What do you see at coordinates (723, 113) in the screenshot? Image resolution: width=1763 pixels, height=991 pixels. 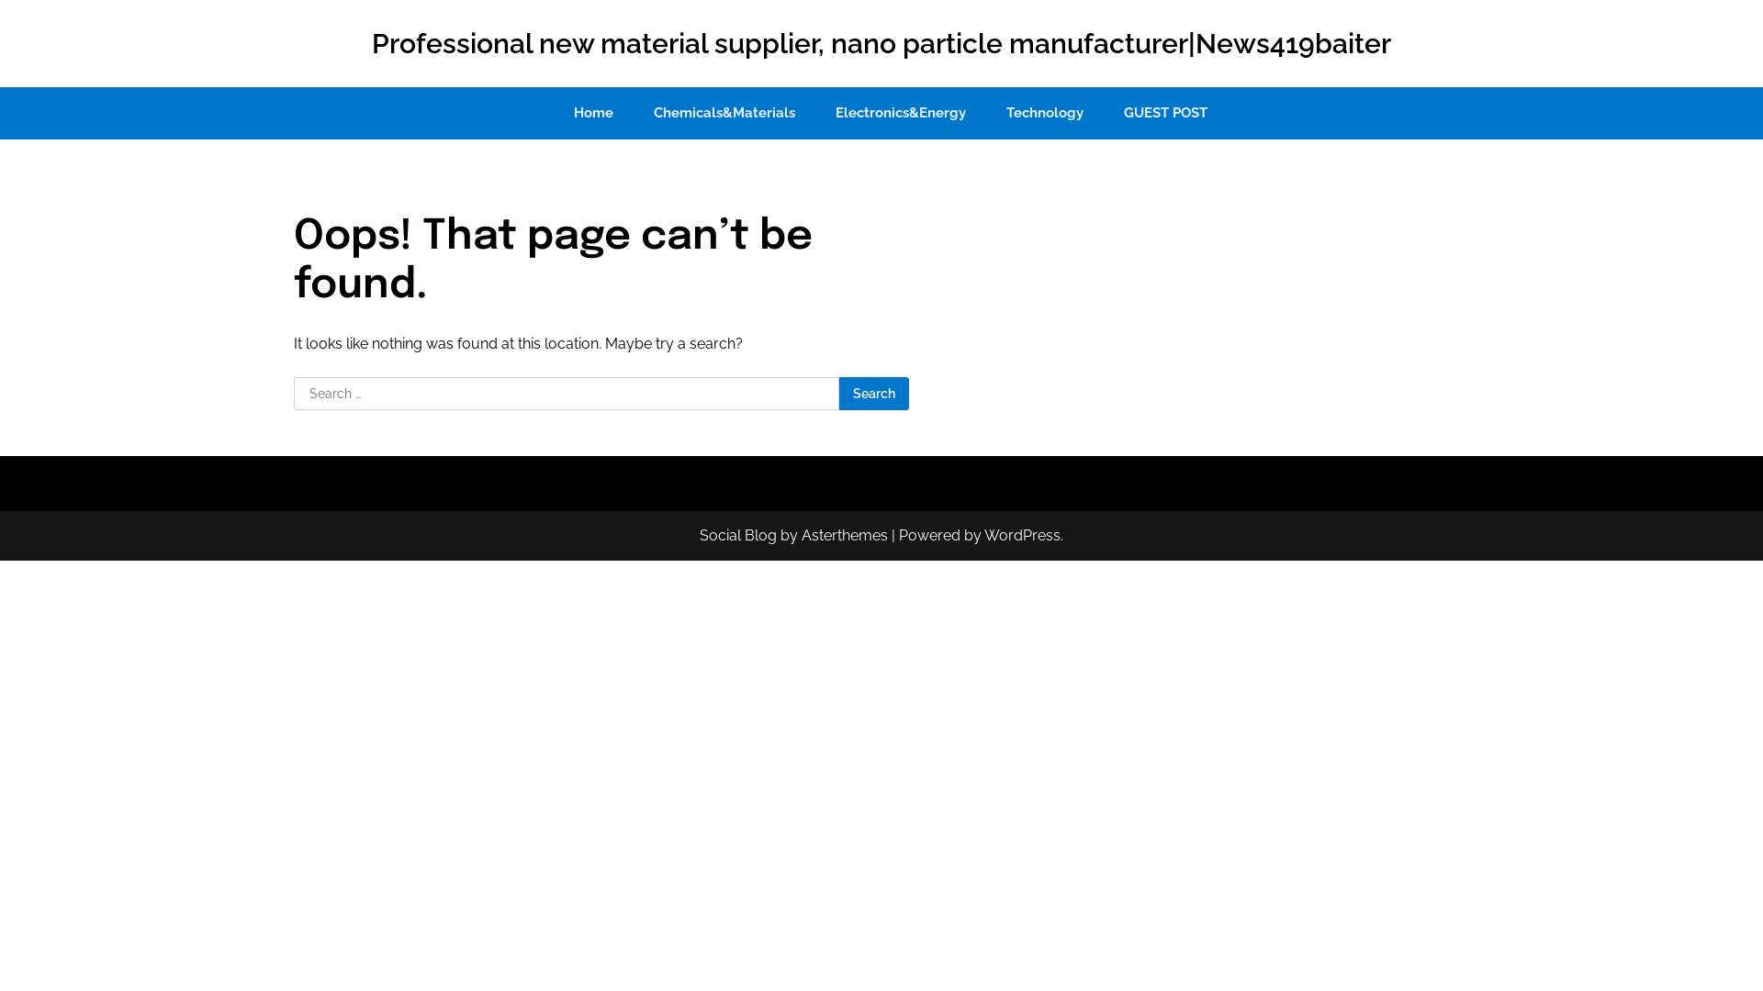 I see `'Chemicals&Materials'` at bounding box center [723, 113].